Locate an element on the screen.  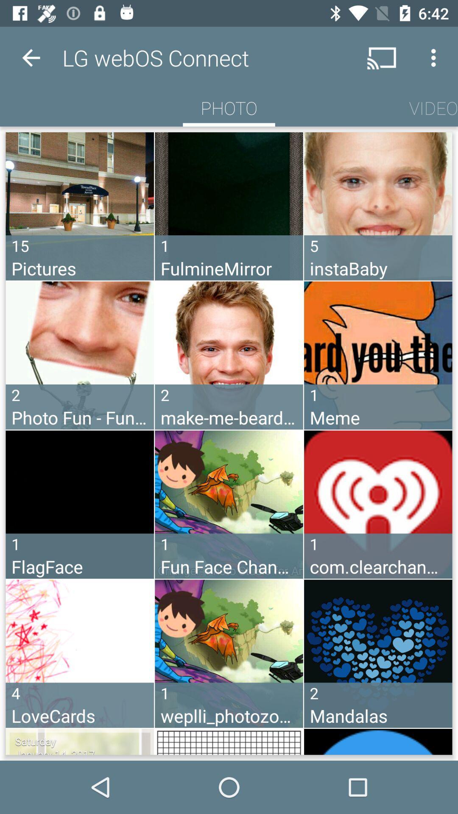
the item next to the photo icon is located at coordinates (433, 107).